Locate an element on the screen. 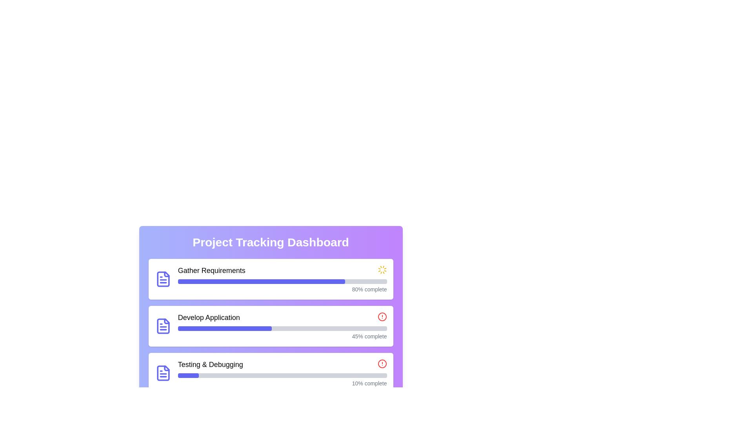  the Progress Bar element styled in indigo within the 'Testing & Debugging' section of the Project Tracking Dashboard is located at coordinates (282, 375).